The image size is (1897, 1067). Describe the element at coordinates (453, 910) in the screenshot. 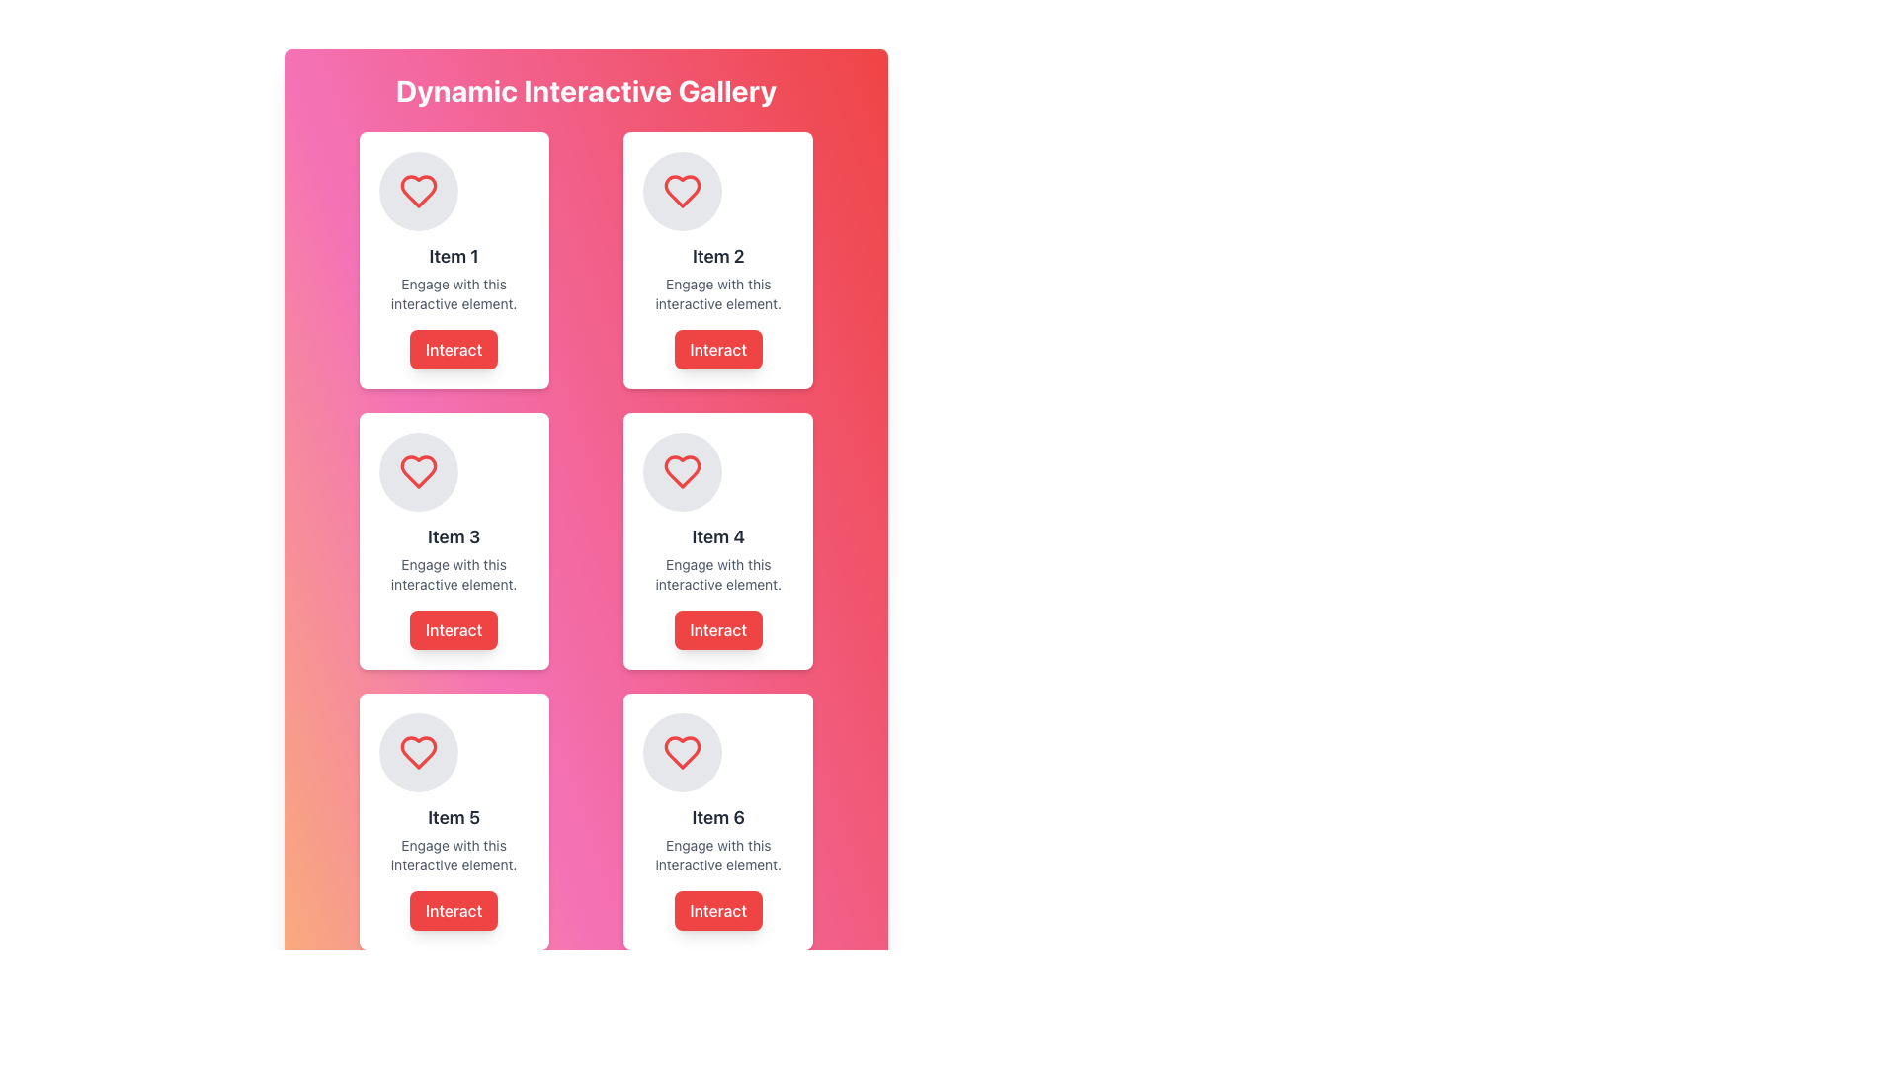

I see `the vibrant red 'Interact' button with rounded corners located at the bottom of the card labeled 'Item 5'` at that location.